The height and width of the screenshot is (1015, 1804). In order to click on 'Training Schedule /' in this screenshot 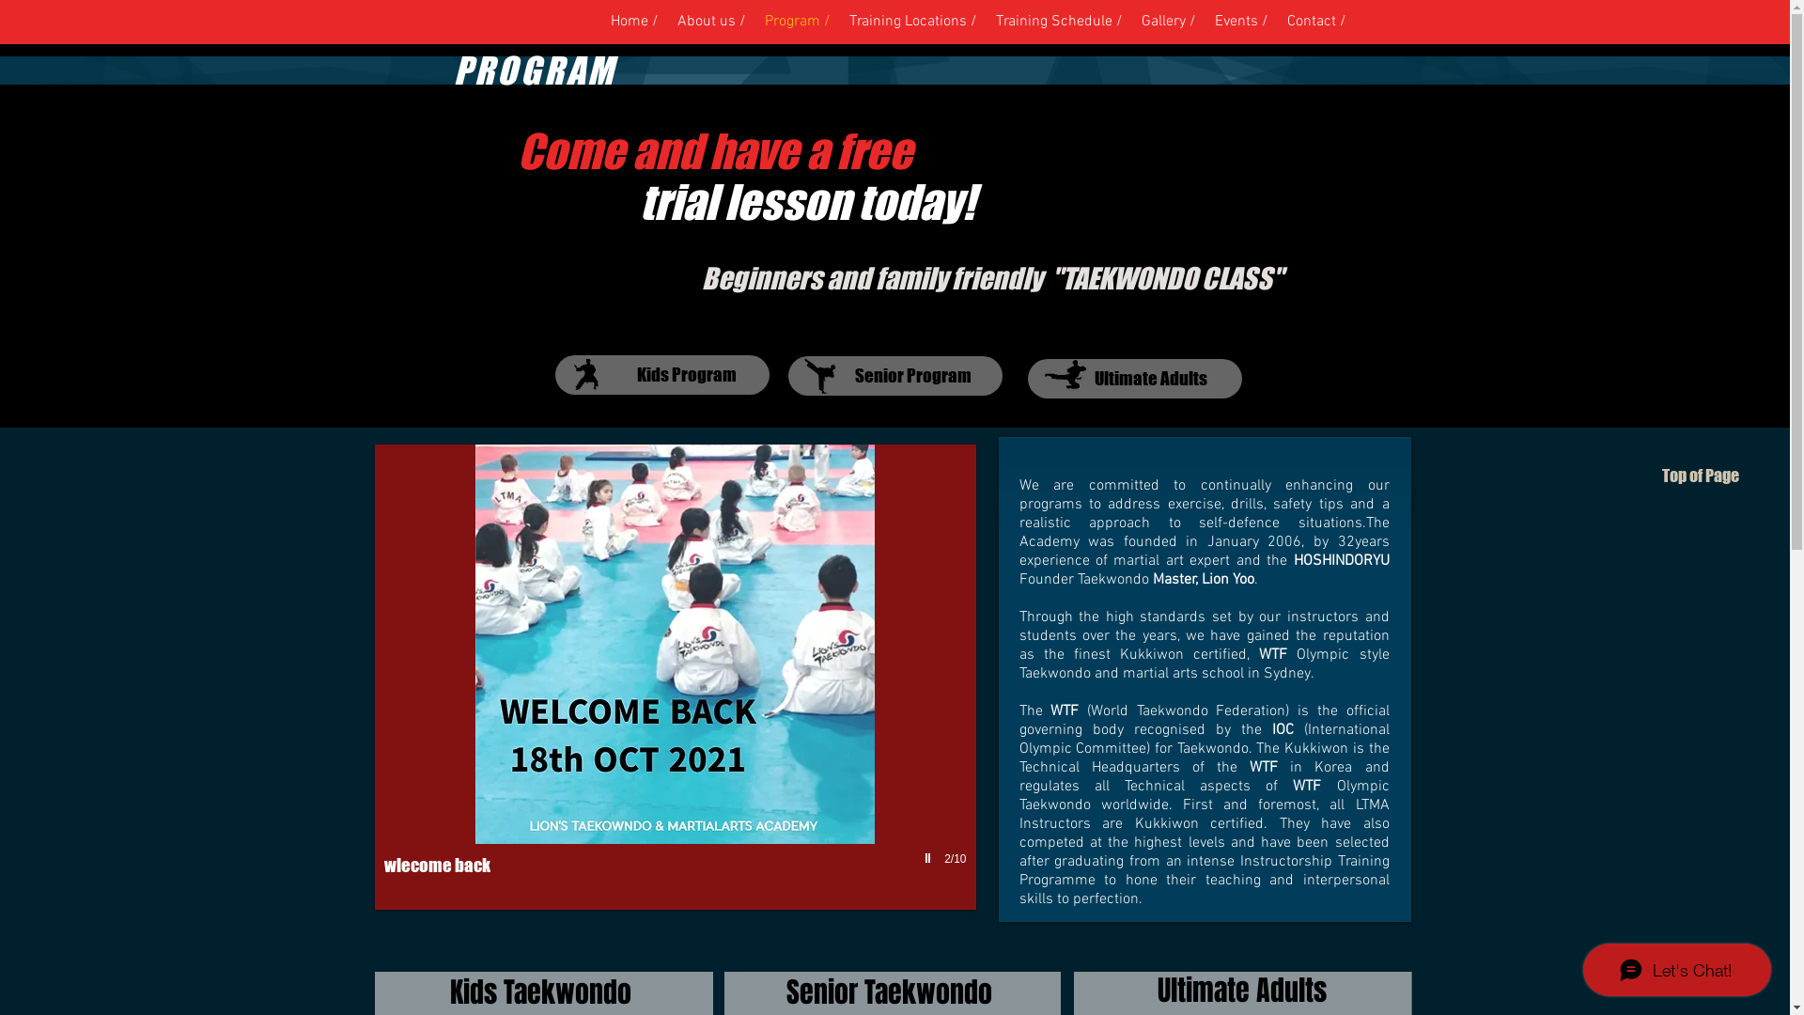, I will do `click(1059, 22)`.